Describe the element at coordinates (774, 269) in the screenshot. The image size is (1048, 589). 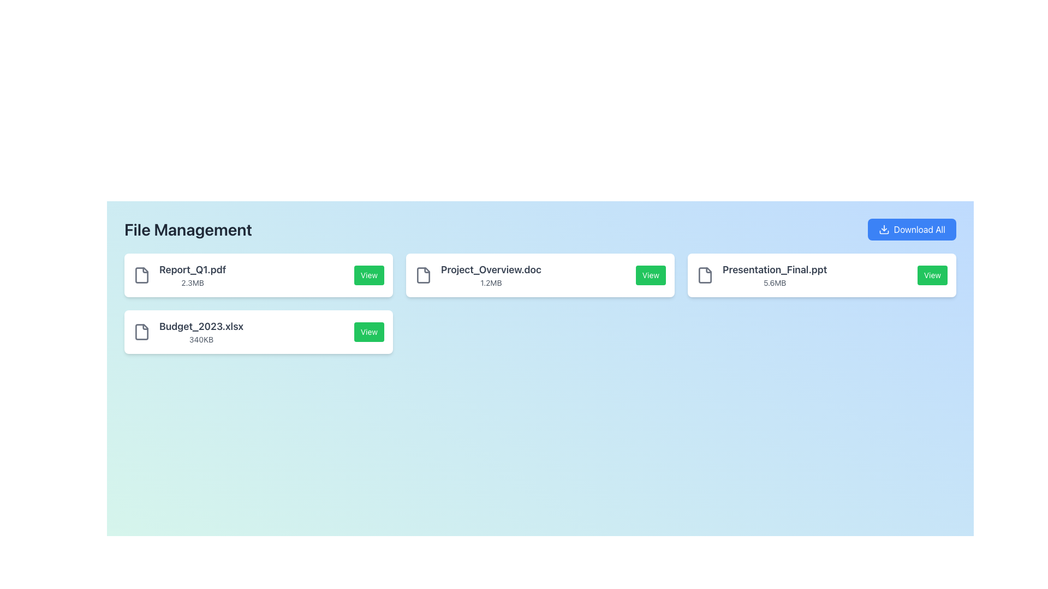
I see `the text label that reads 'Presentation_Final.ppt', which is styled in bold and grayish color, located in the rightmost column of a grid layout` at that location.